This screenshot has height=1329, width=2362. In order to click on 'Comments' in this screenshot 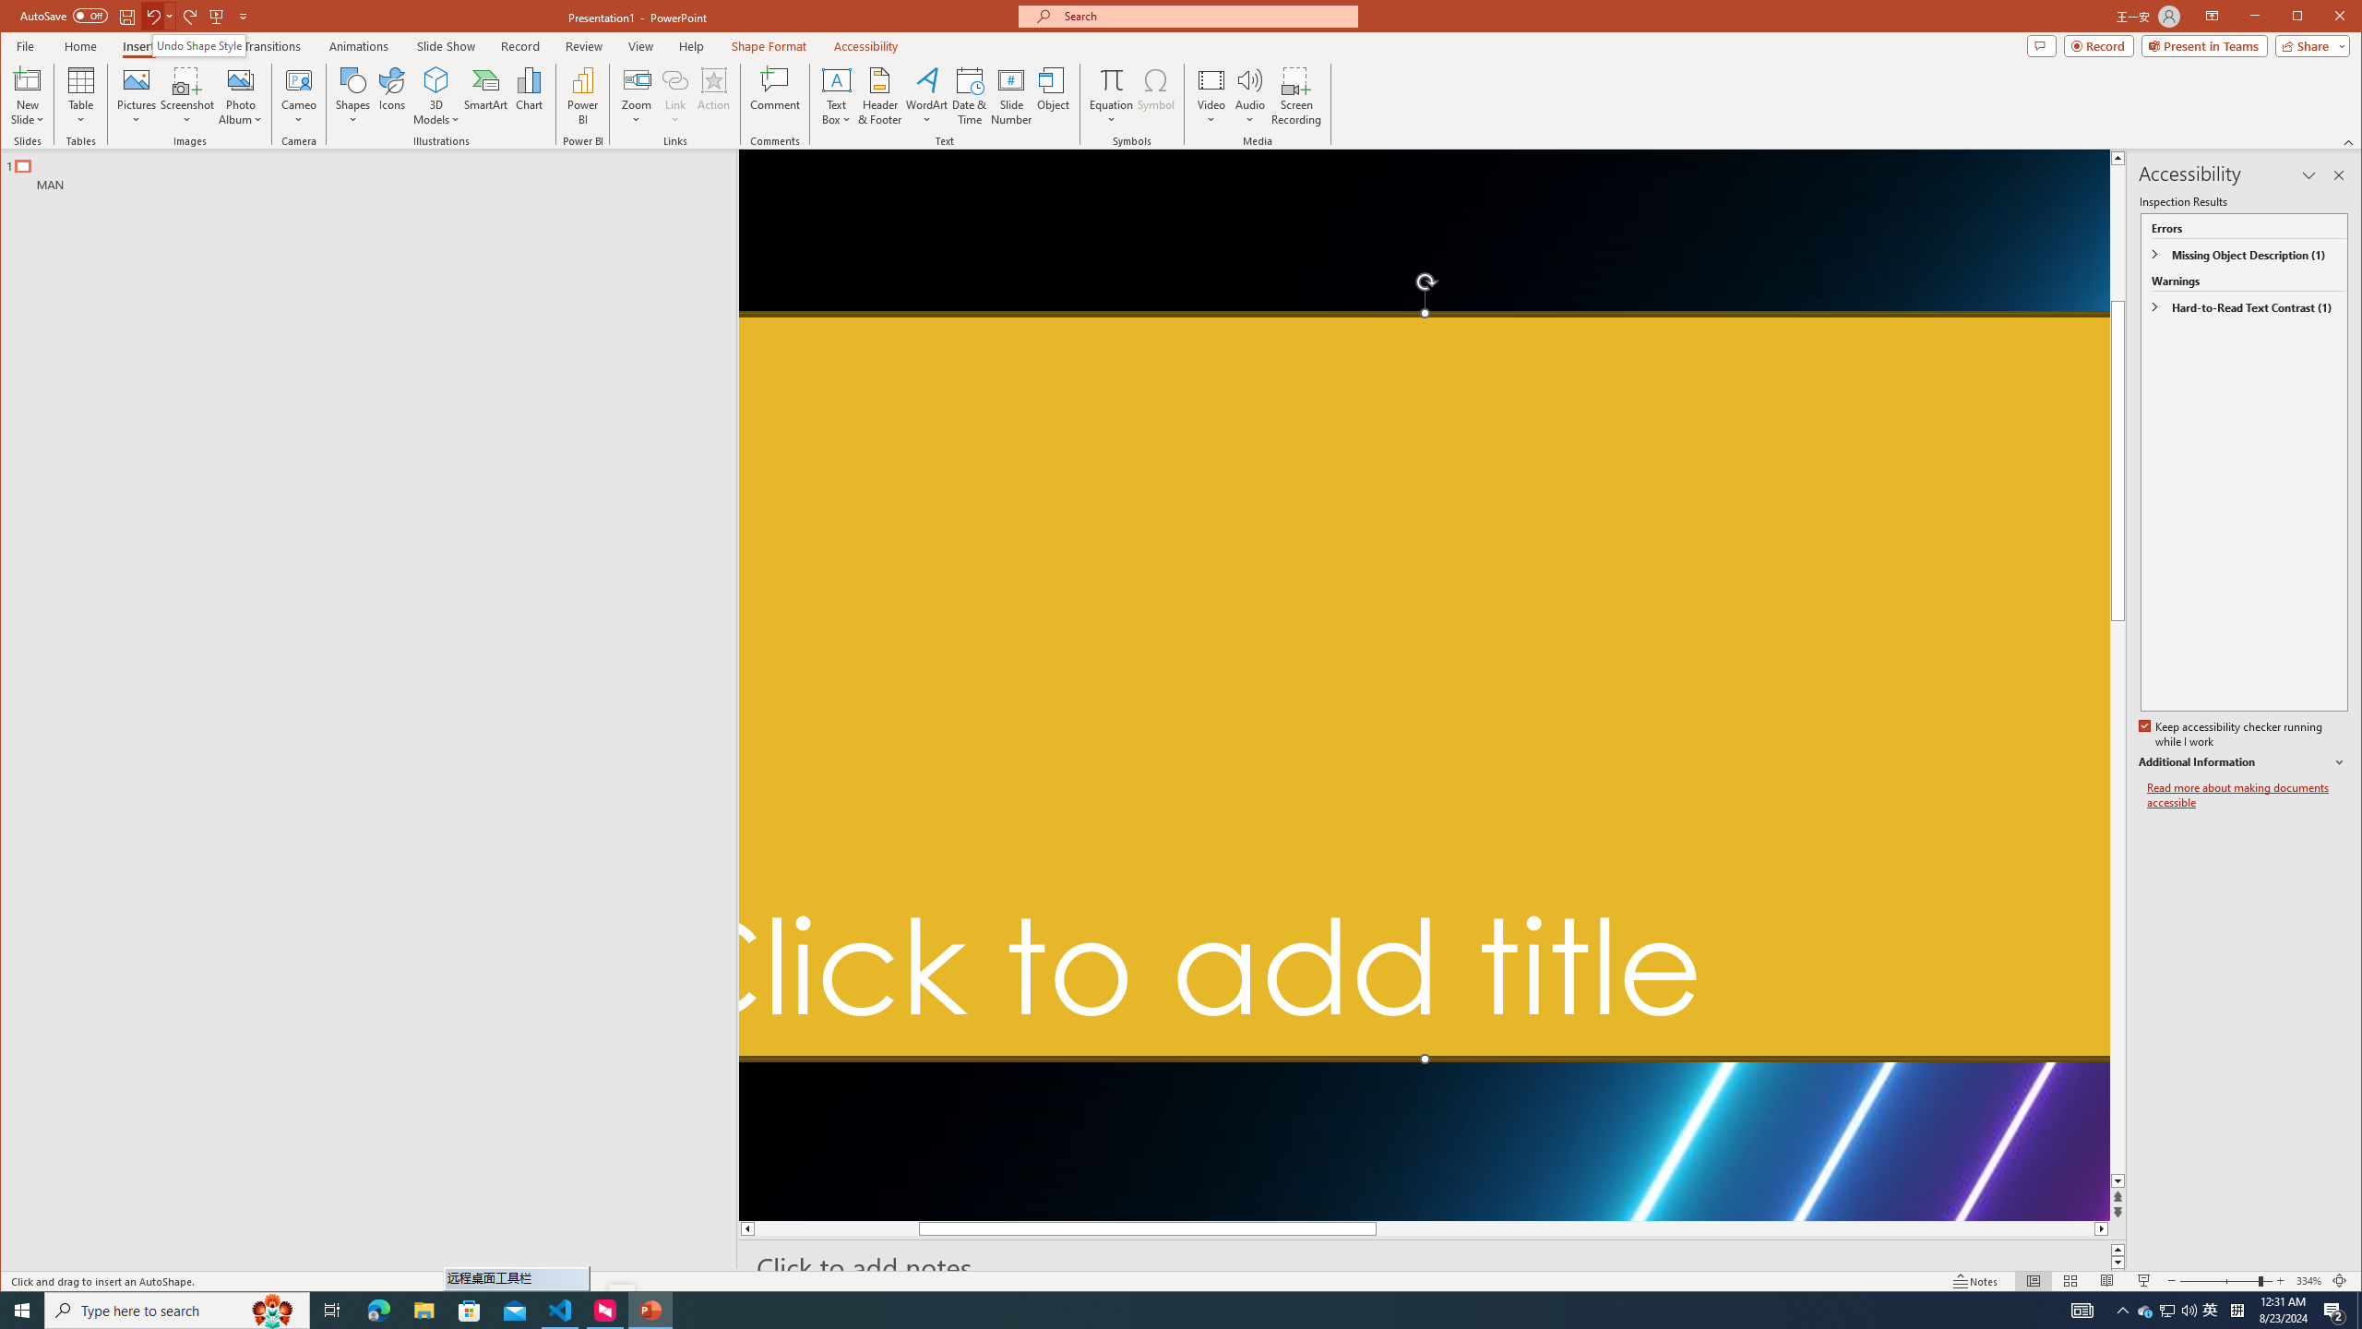, I will do `click(2042, 45)`.